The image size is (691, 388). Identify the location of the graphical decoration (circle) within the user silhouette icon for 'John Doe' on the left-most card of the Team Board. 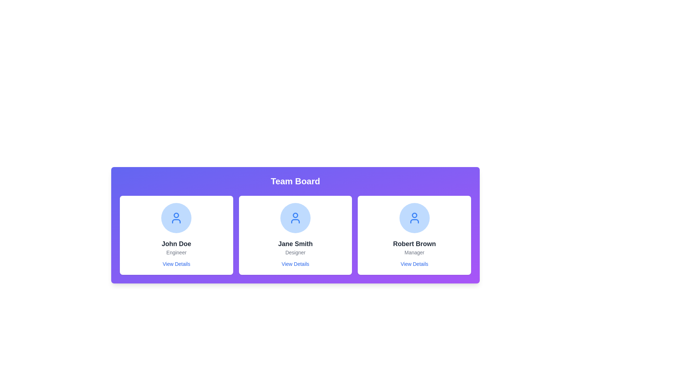
(176, 215).